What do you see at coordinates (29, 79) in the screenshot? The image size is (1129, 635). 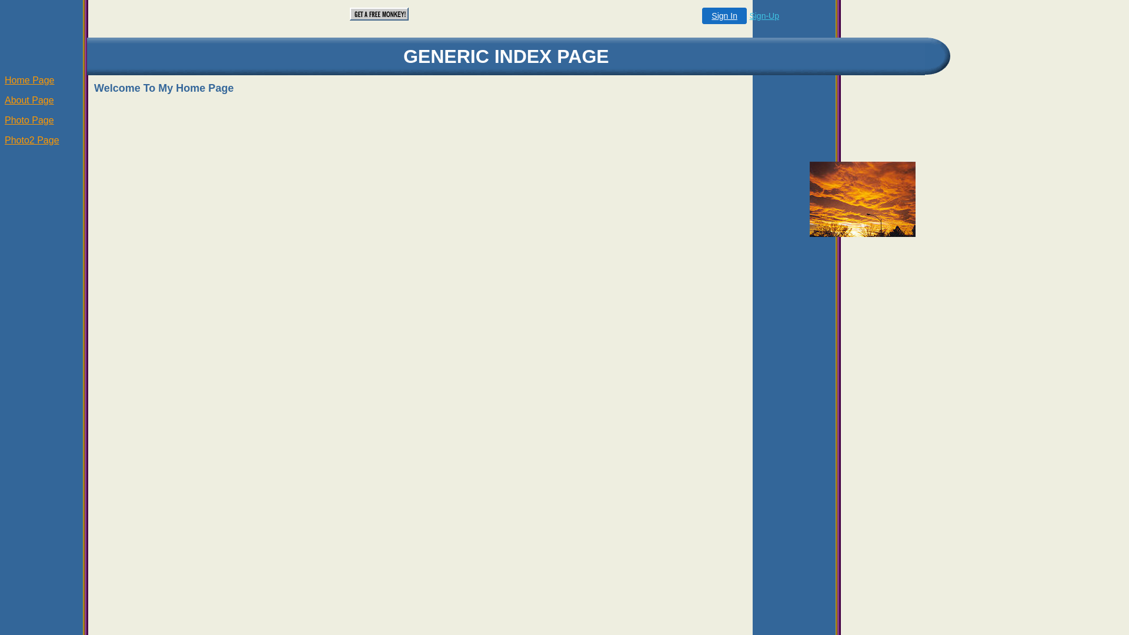 I see `'Home Page'` at bounding box center [29, 79].